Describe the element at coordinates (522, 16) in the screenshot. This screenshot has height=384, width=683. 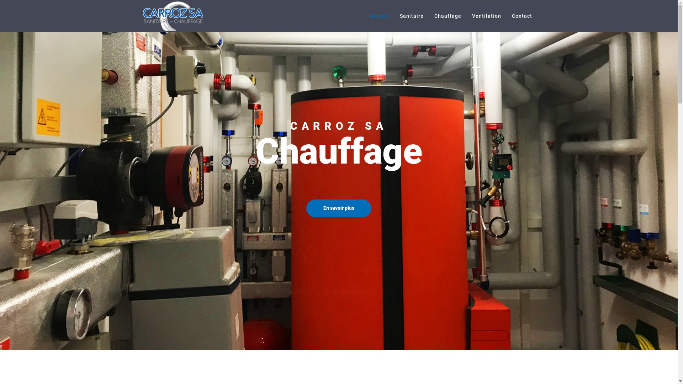
I see `'Contact'` at that location.